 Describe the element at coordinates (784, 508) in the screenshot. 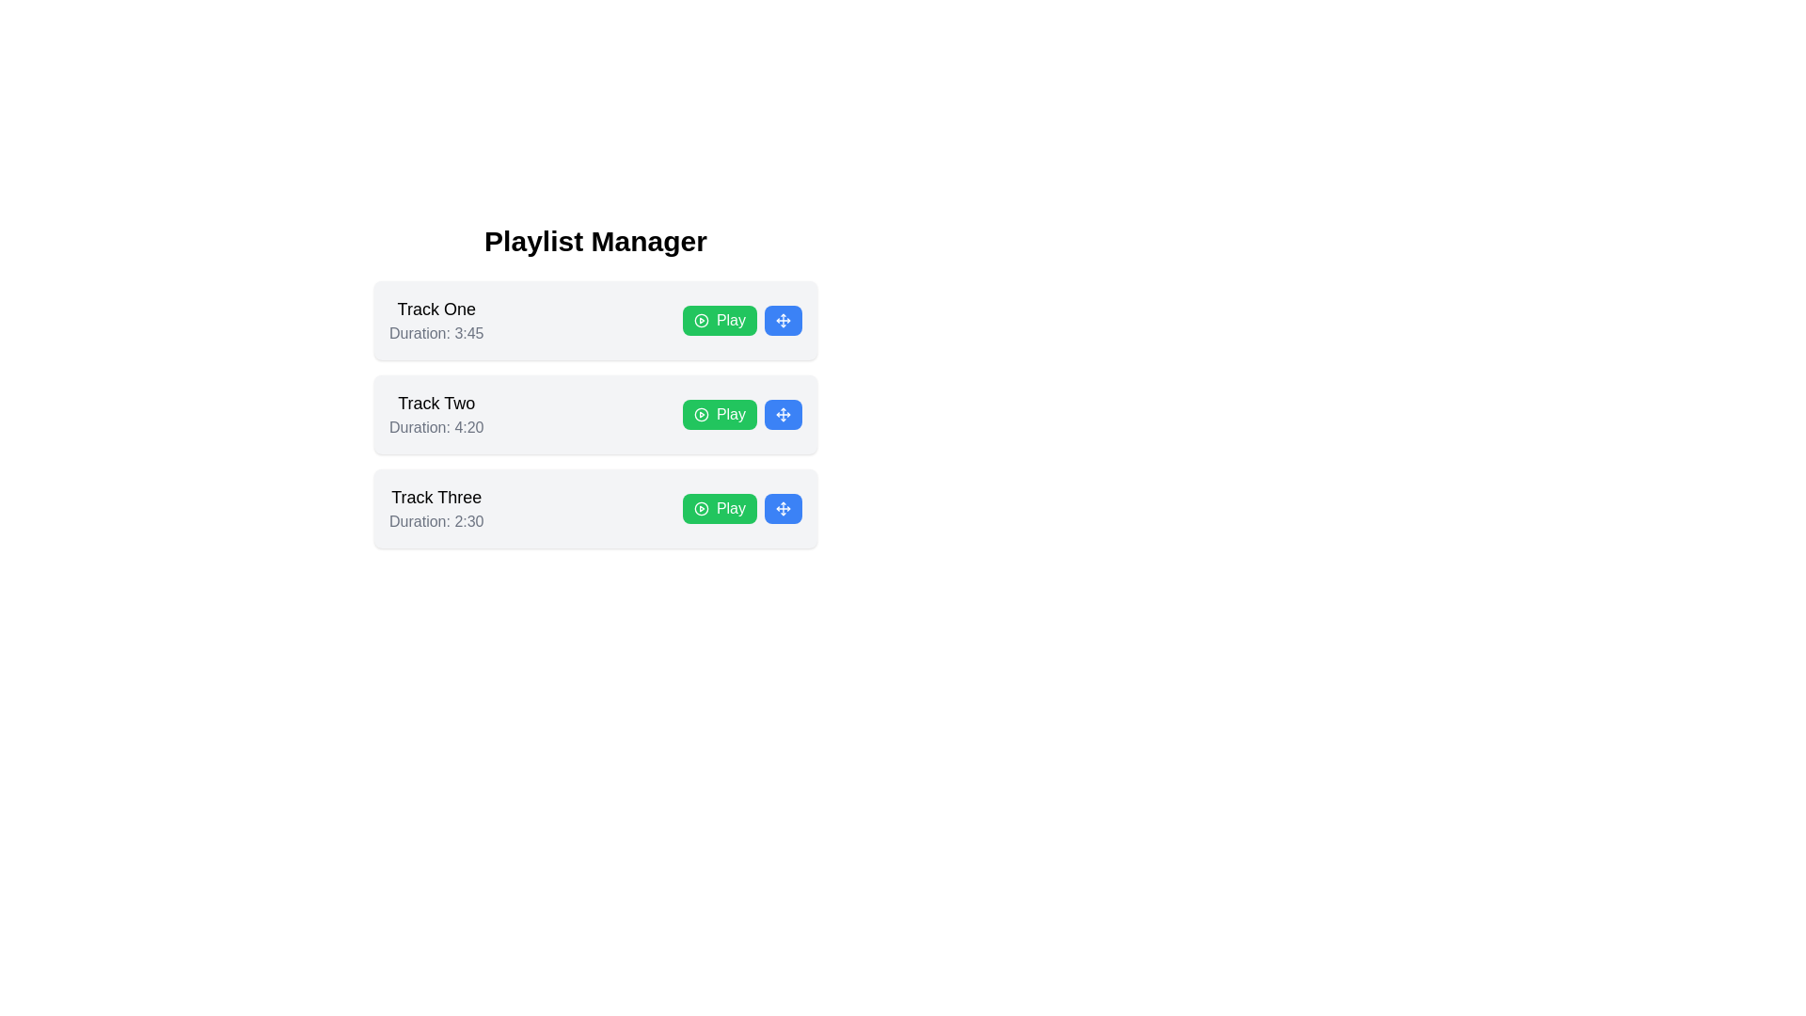

I see `the second button in the rightmost position of the control set for the third track in the playlist manager` at that location.